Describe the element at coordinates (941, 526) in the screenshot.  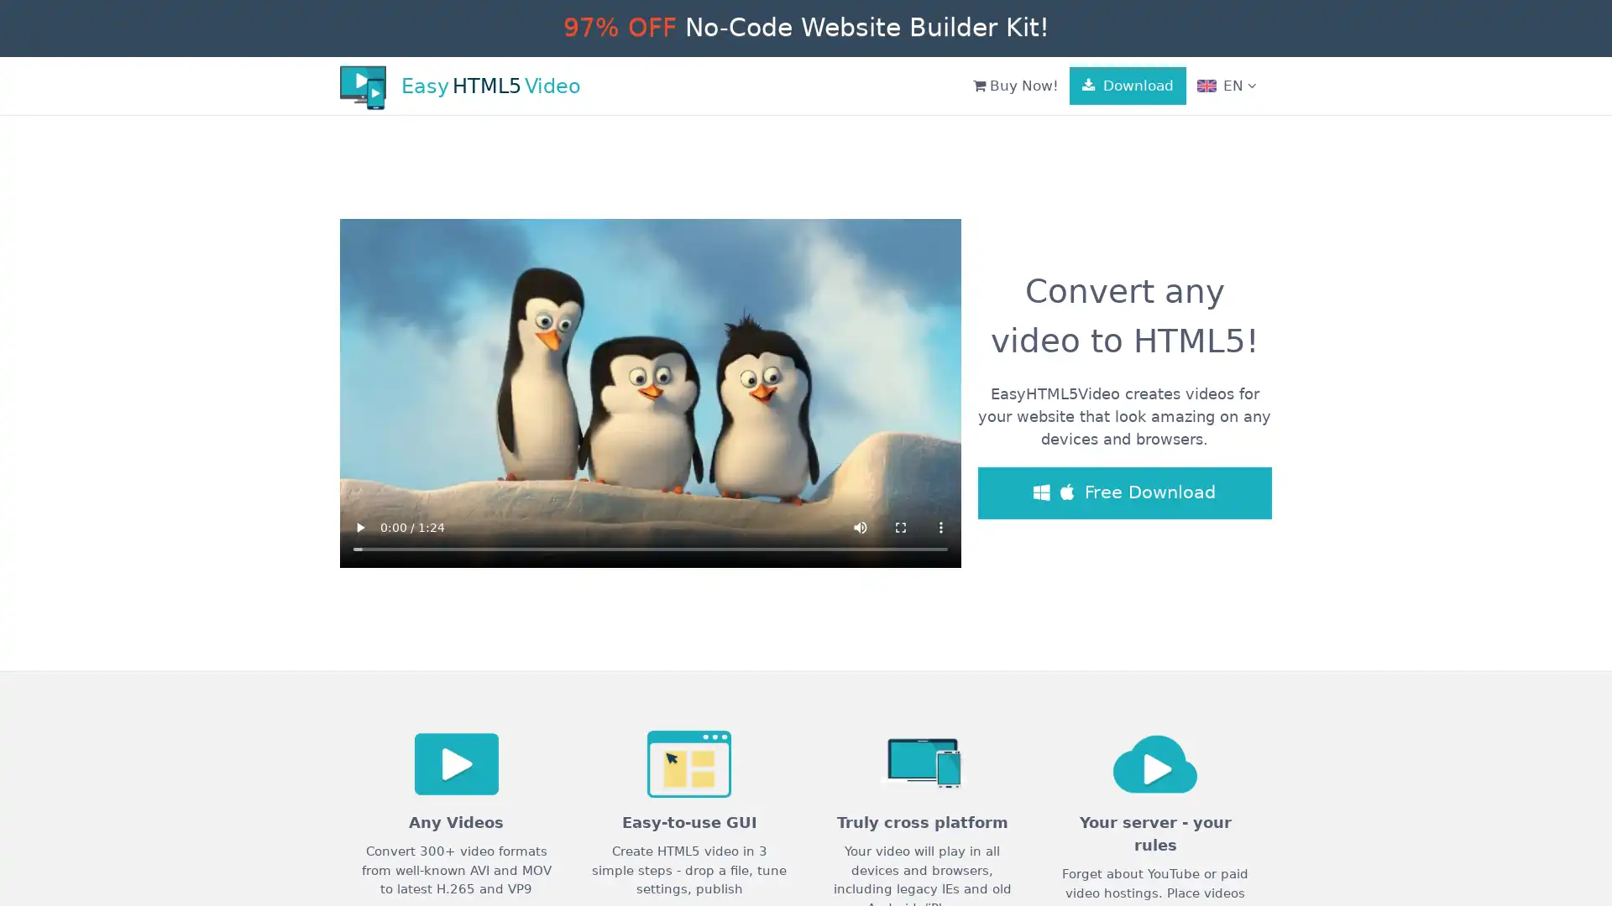
I see `show more media controls` at that location.